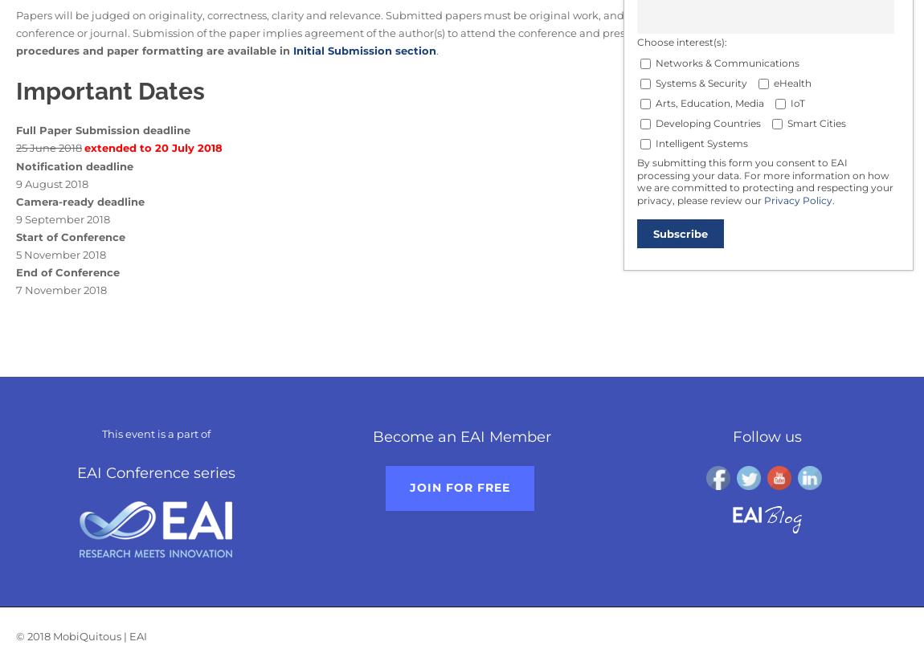  What do you see at coordinates (460, 436) in the screenshot?
I see `'Become an EAI Member'` at bounding box center [460, 436].